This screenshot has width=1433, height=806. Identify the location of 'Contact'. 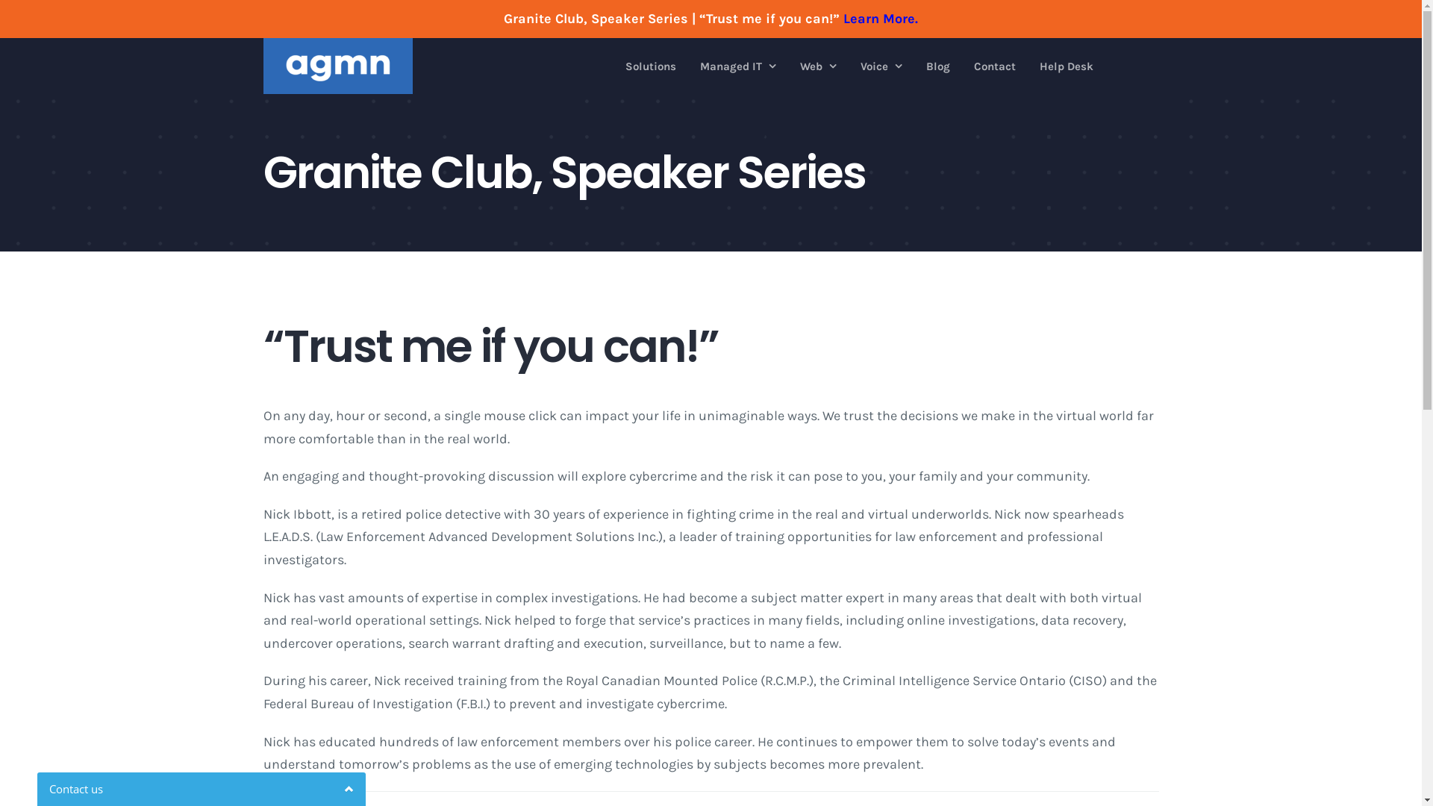
(995, 65).